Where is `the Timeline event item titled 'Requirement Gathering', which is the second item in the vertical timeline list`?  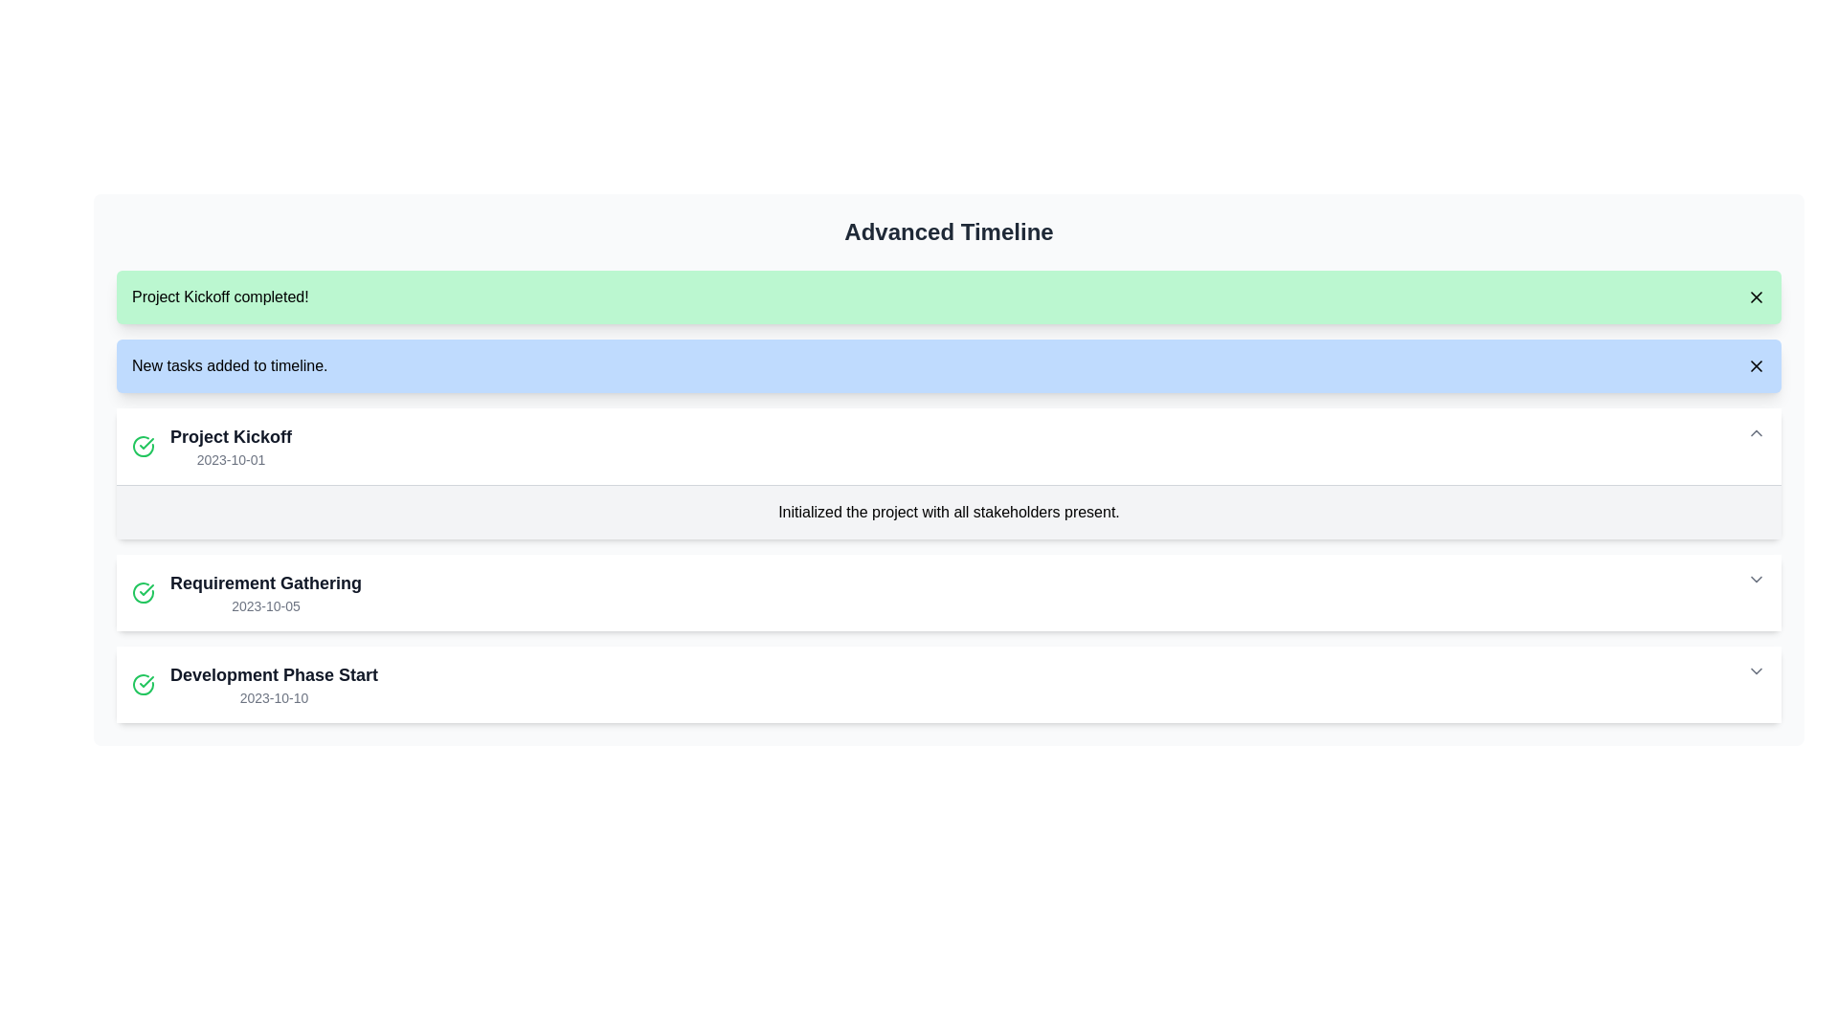 the Timeline event item titled 'Requirement Gathering', which is the second item in the vertical timeline list is located at coordinates (949, 592).